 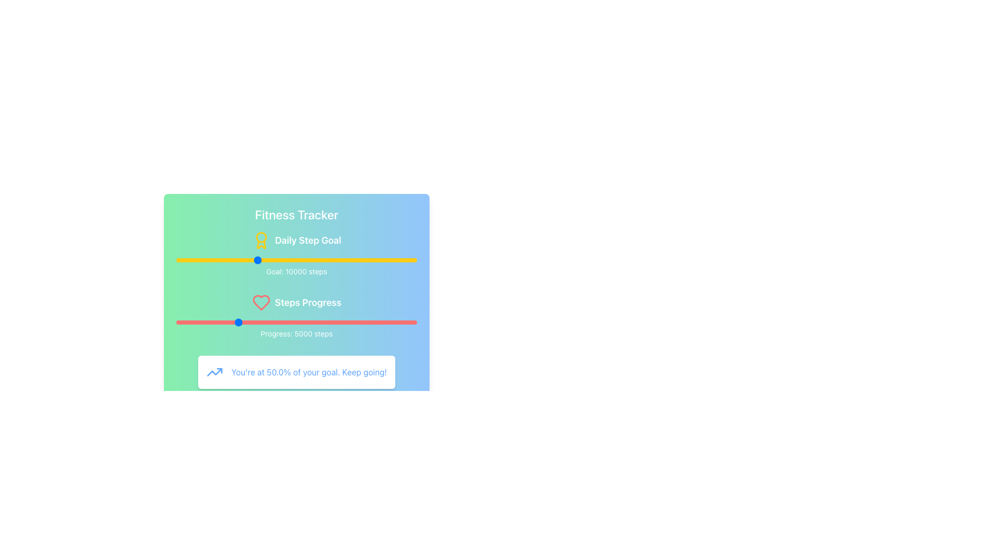 I want to click on the daily step goal, so click(x=334, y=259).